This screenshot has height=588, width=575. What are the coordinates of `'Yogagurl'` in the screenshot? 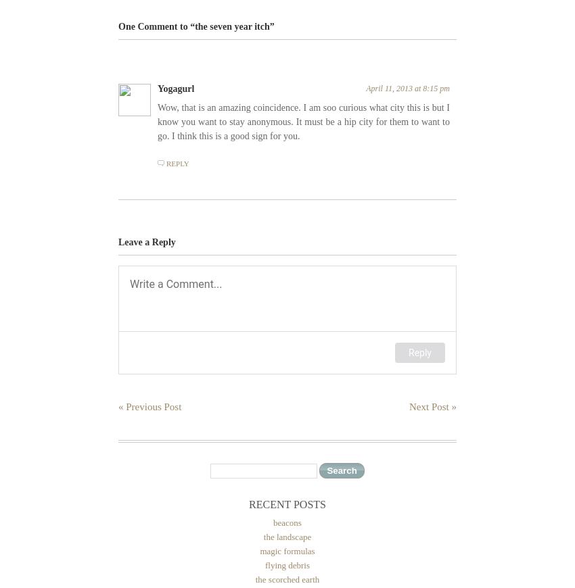 It's located at (175, 87).